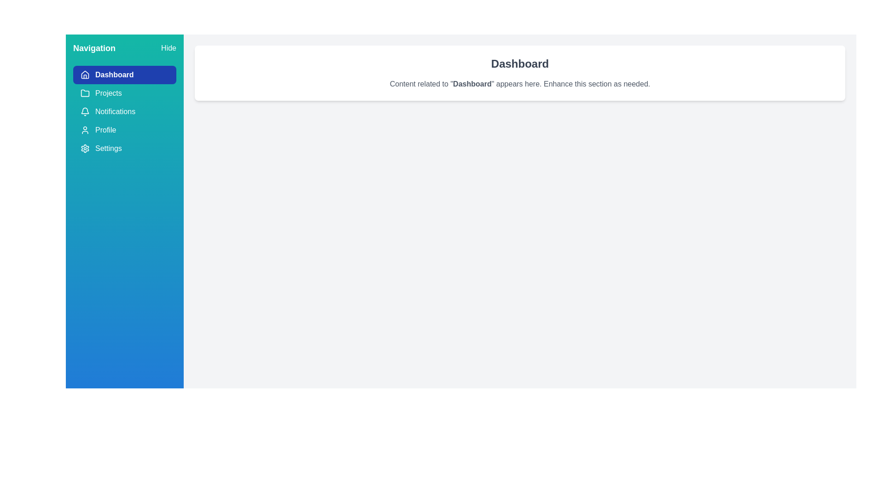  I want to click on the menu item Dashboard from the drawer, so click(124, 74).